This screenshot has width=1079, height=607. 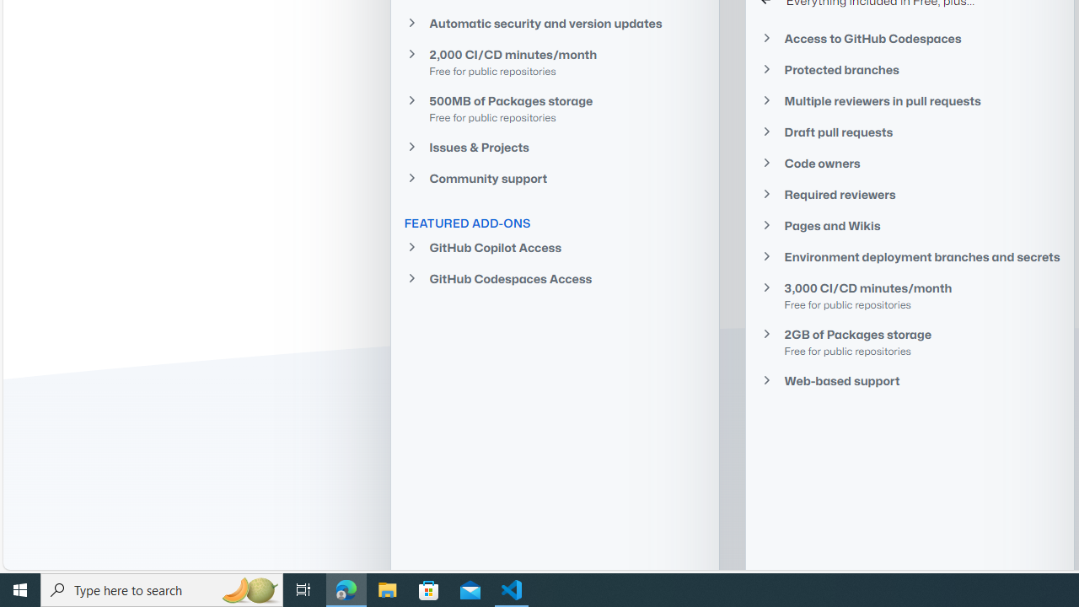 What do you see at coordinates (909, 193) in the screenshot?
I see `'Required reviewers'` at bounding box center [909, 193].